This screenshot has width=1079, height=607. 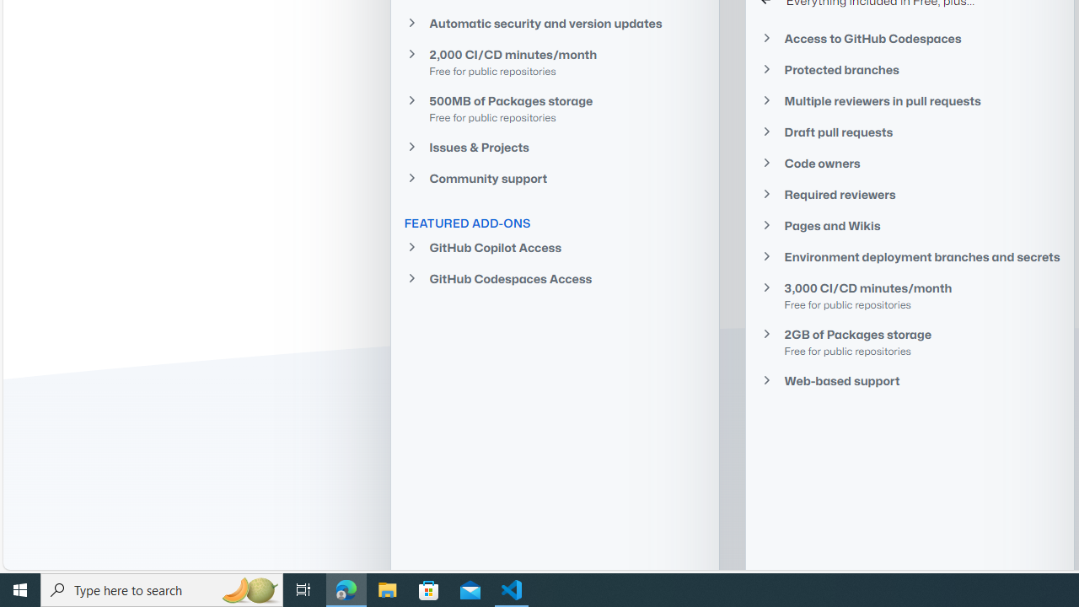 What do you see at coordinates (909, 193) in the screenshot?
I see `'Required reviewers'` at bounding box center [909, 193].